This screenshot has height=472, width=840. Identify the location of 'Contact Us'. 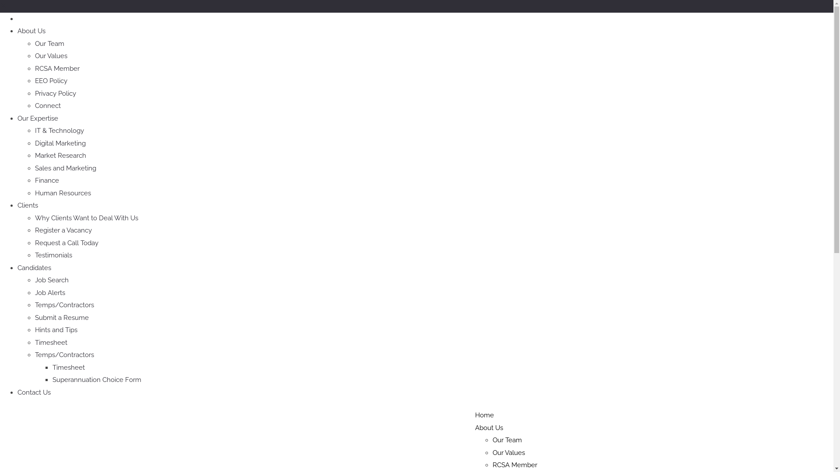
(34, 392).